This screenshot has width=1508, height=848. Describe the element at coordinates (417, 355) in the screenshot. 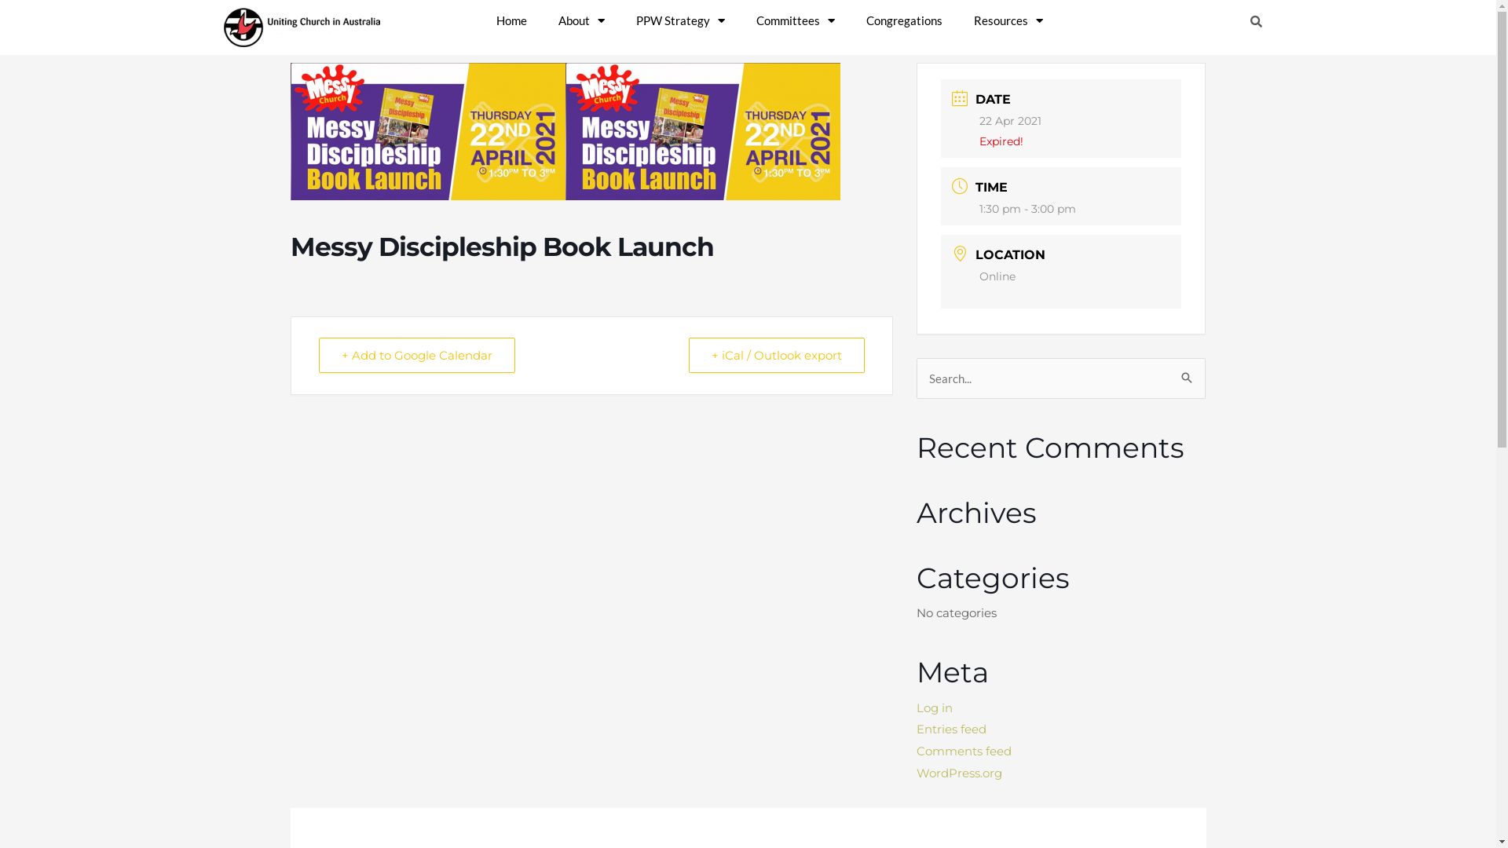

I see `'+ Add to Google Calendar'` at that location.